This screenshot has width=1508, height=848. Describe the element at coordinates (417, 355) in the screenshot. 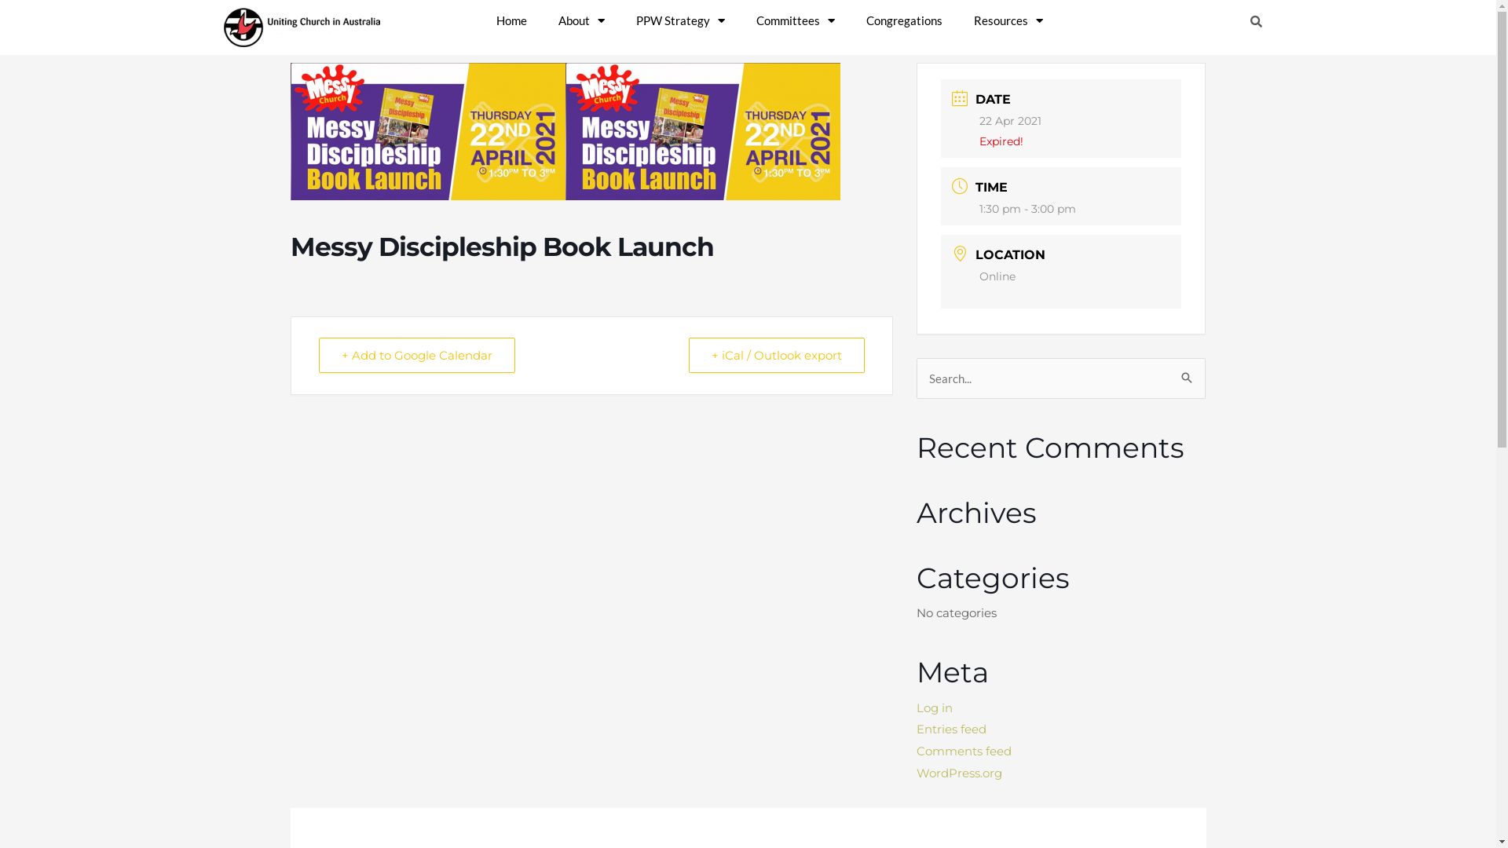

I see `'+ Add to Google Calendar'` at that location.